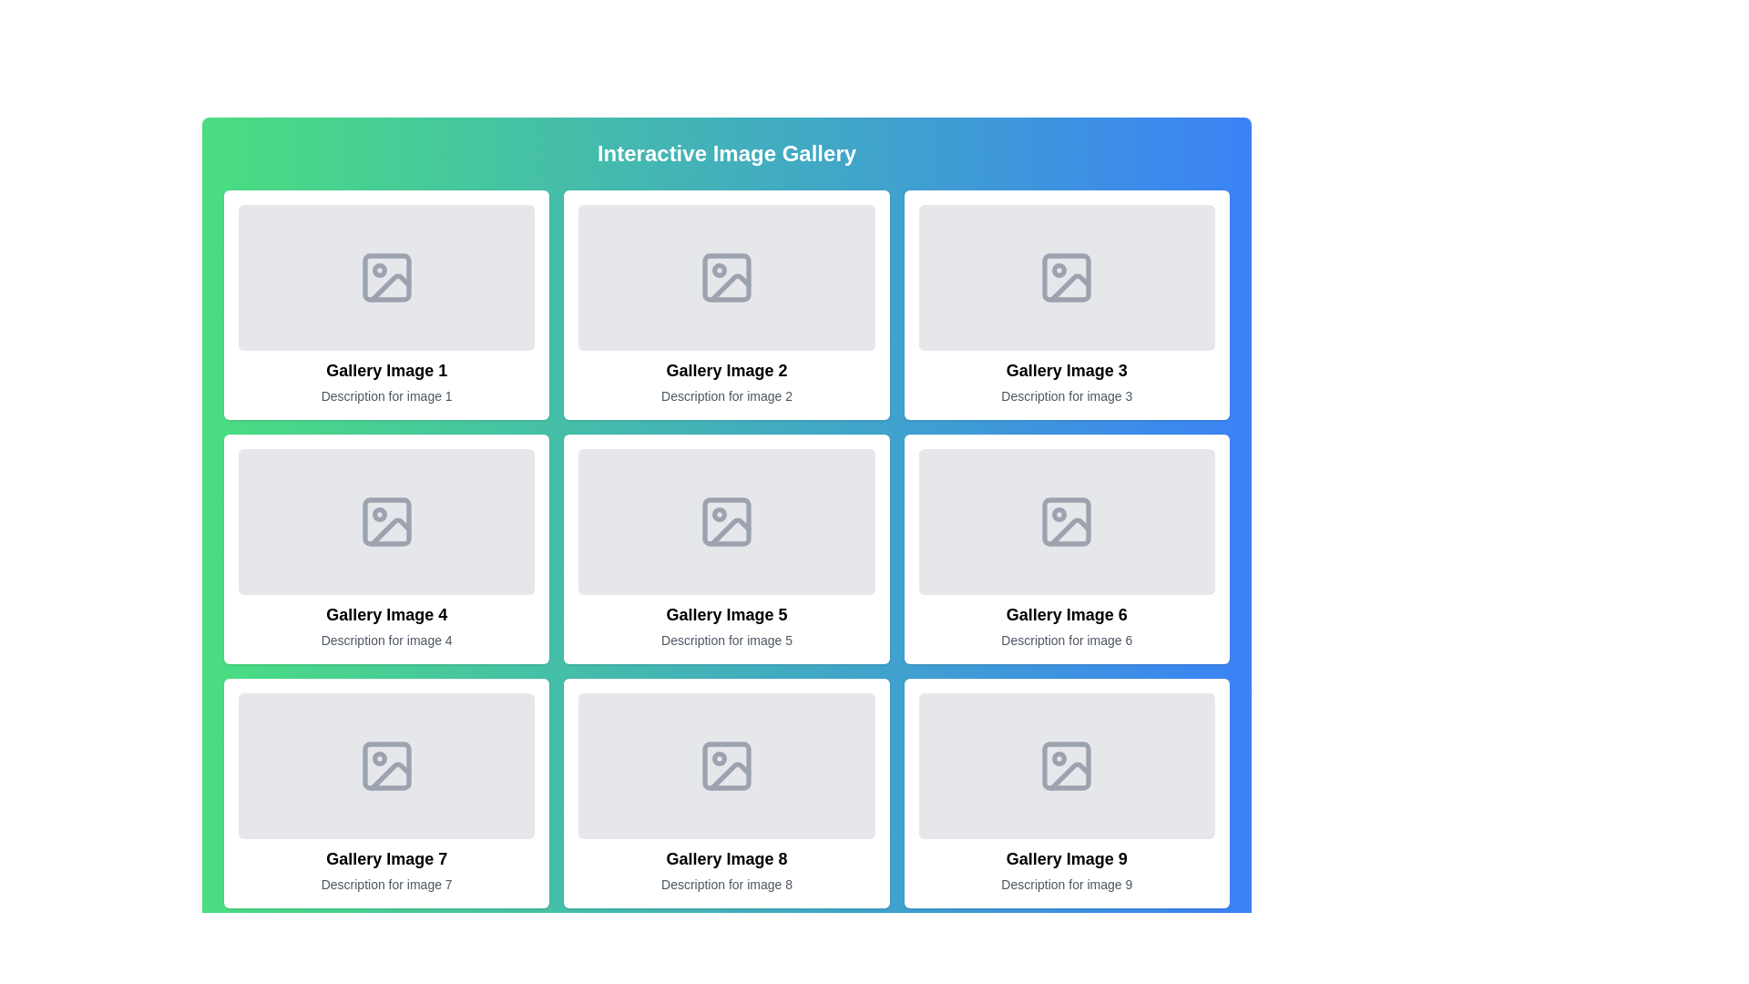 The height and width of the screenshot is (984, 1749). Describe the element at coordinates (1067, 522) in the screenshot. I see `the Image Placeholder in the middle column of the gallery grid layout, which is associated with 'Gallery Image 6' and has the description 'Description for image 6'` at that location.